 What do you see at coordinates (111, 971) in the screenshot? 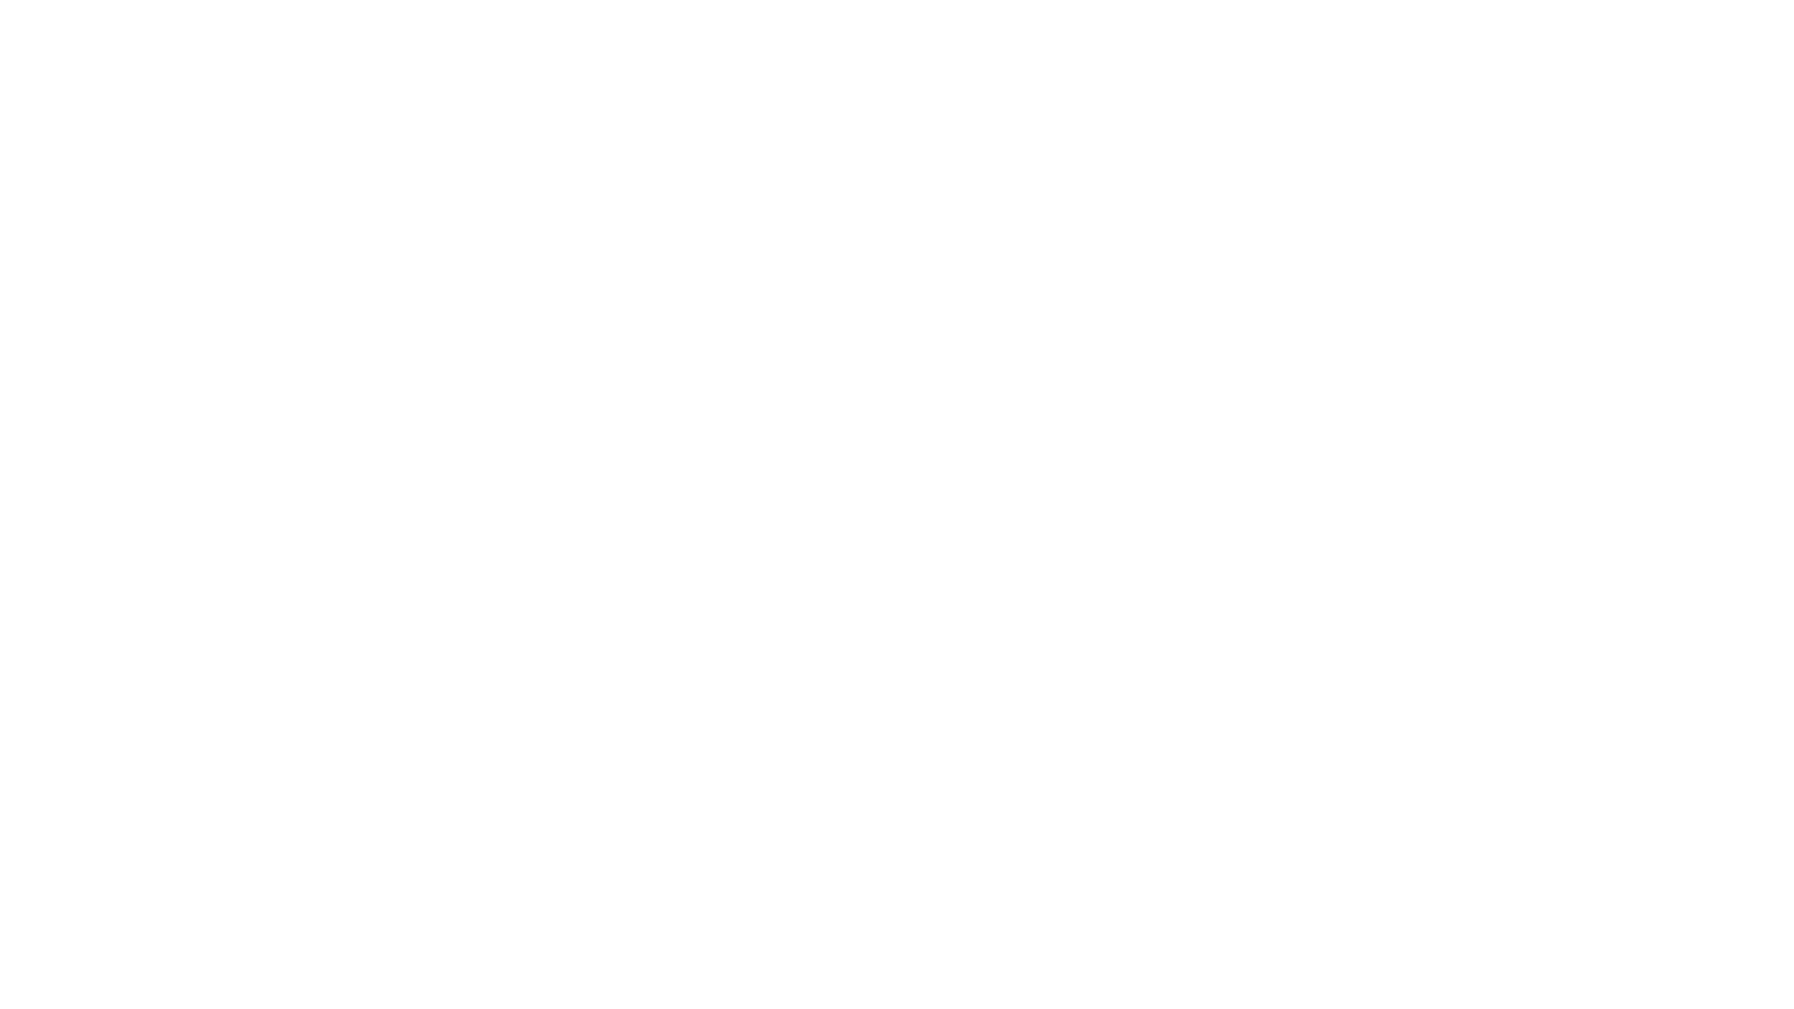
I see `Play` at bounding box center [111, 971].